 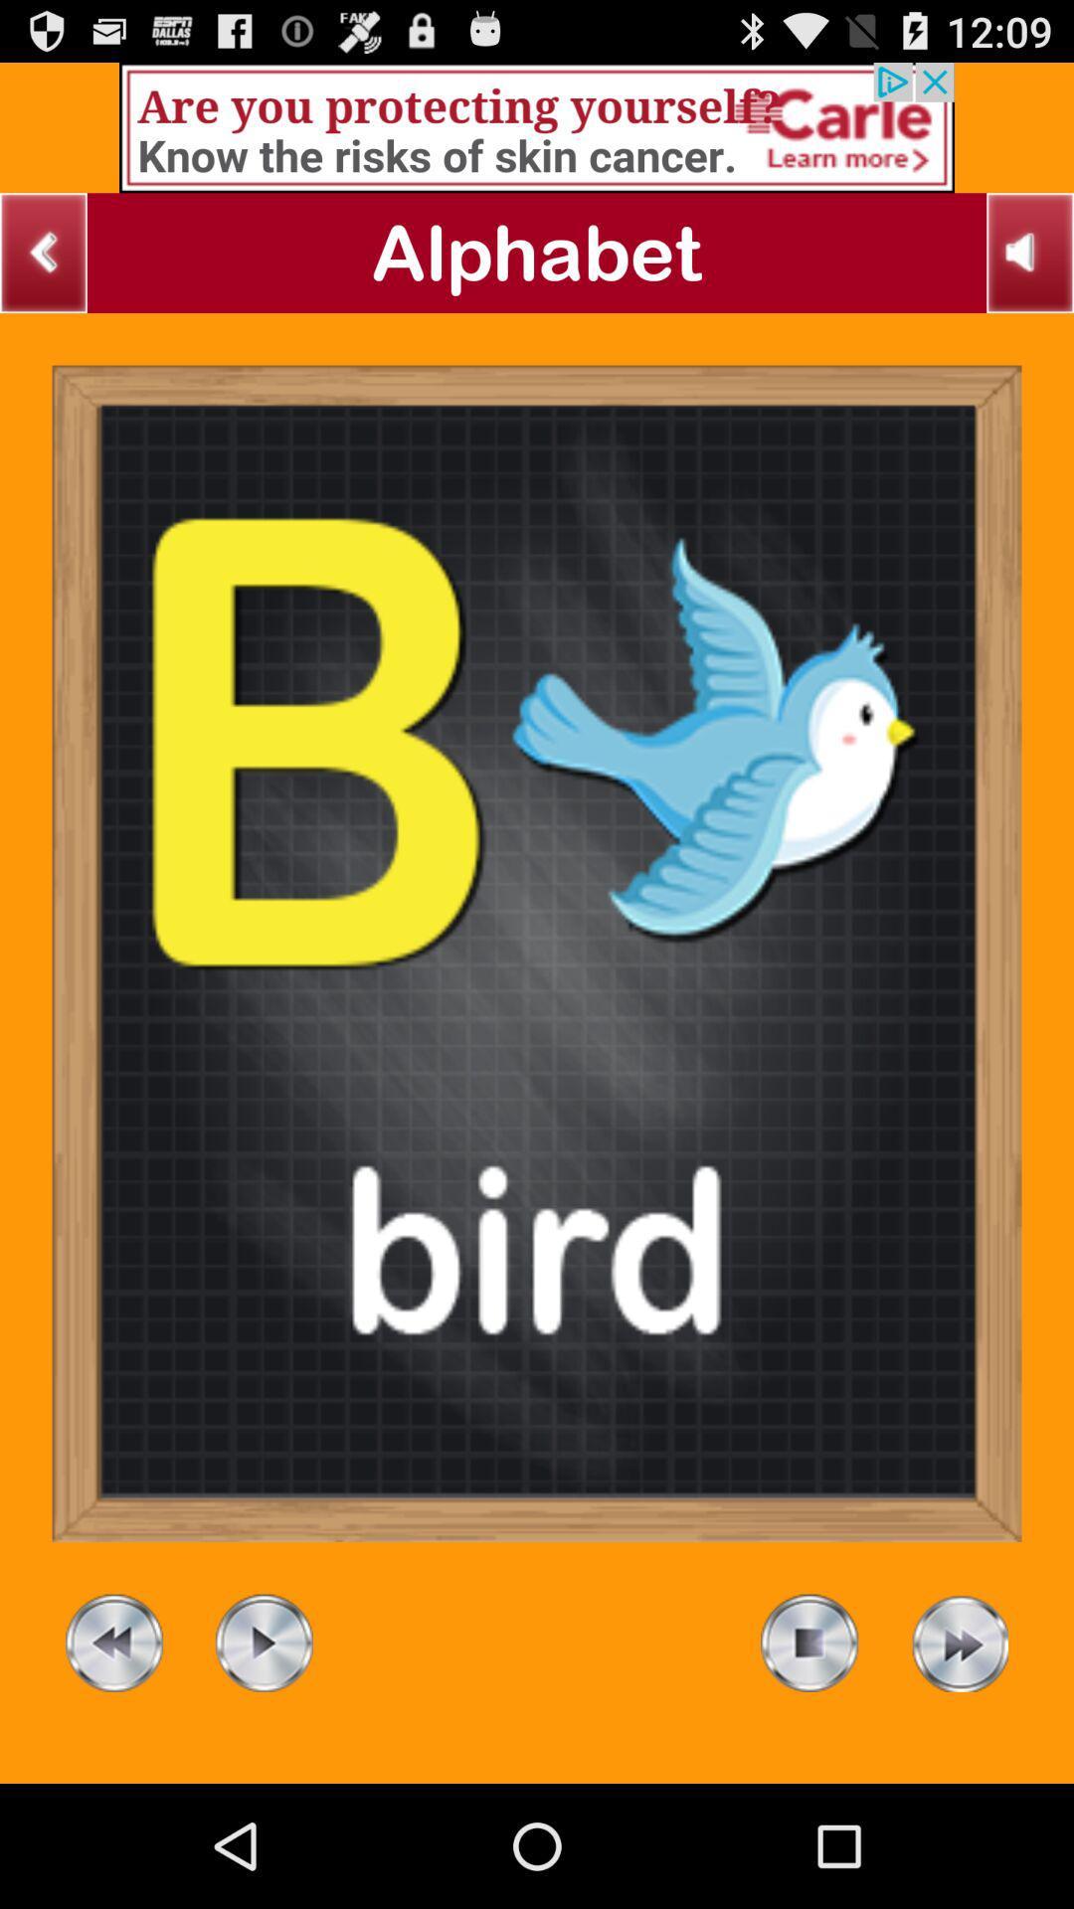 What do you see at coordinates (263, 1758) in the screenshot?
I see `the play icon` at bounding box center [263, 1758].